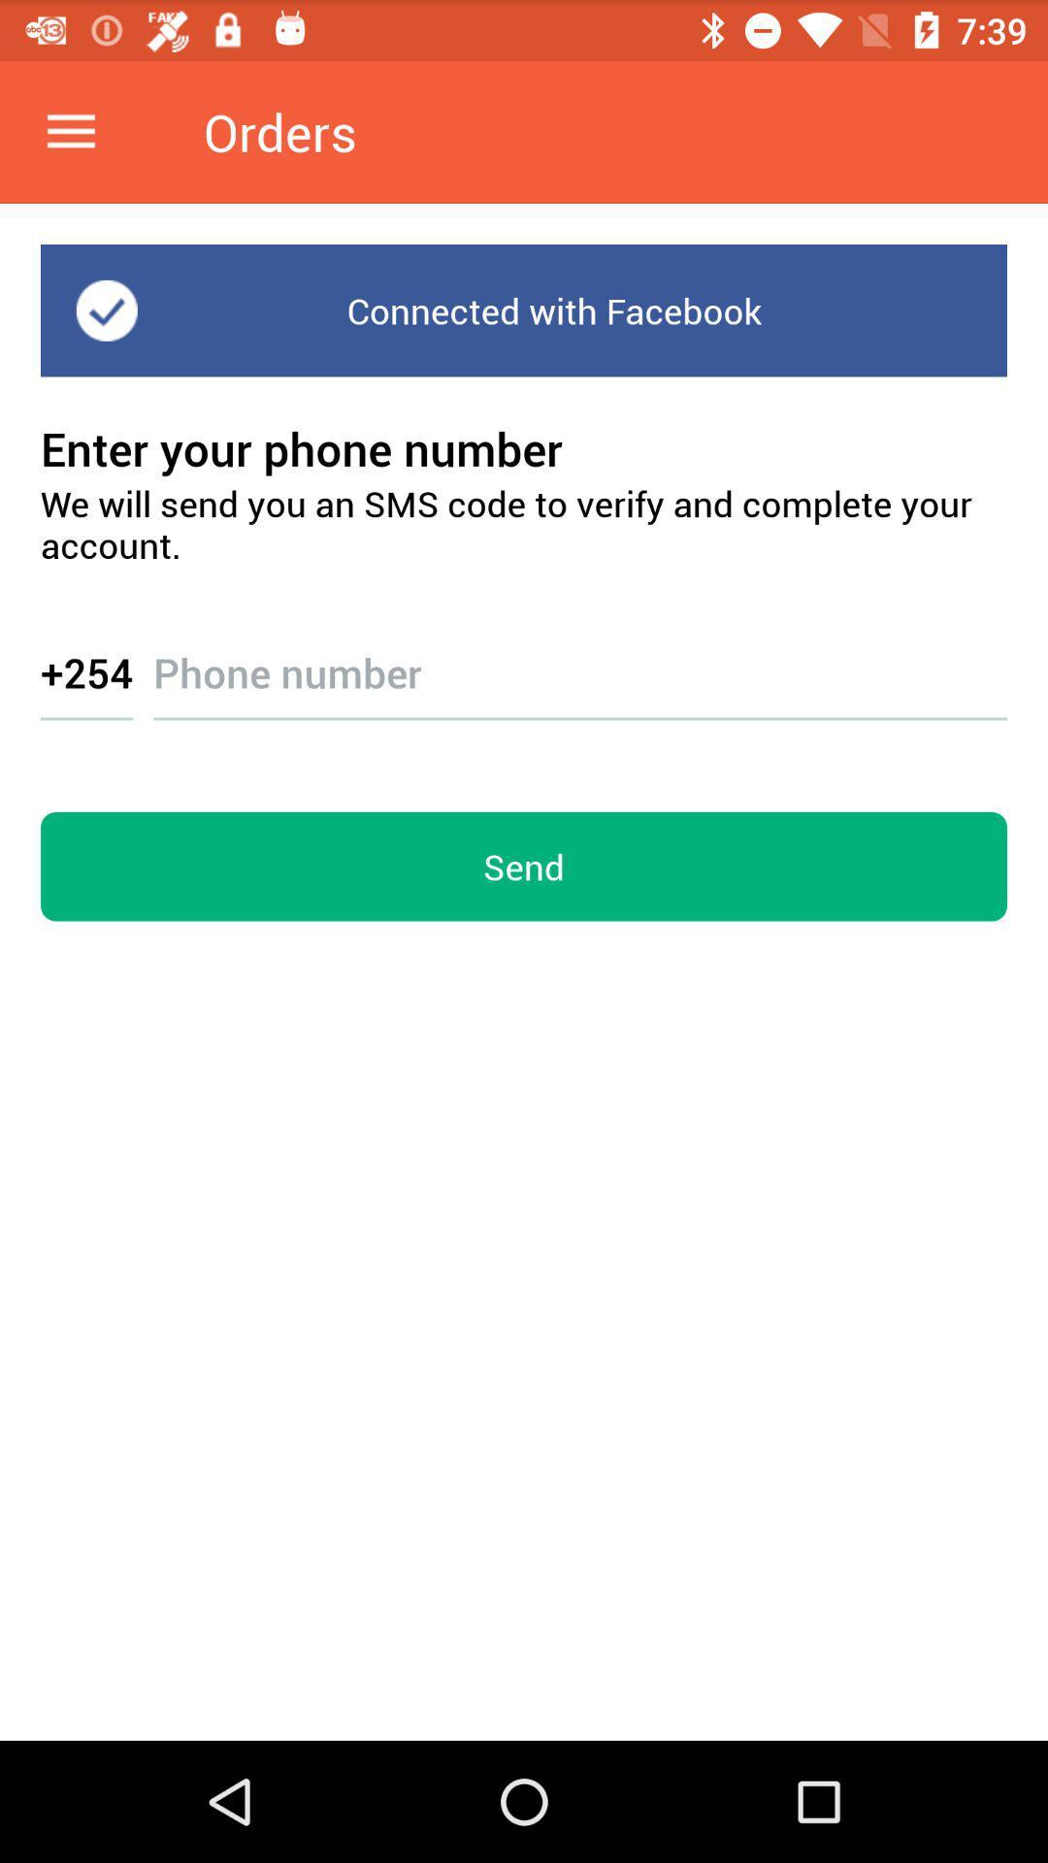 The width and height of the screenshot is (1048, 1863). I want to click on icon to the right of +254 item, so click(579, 655).